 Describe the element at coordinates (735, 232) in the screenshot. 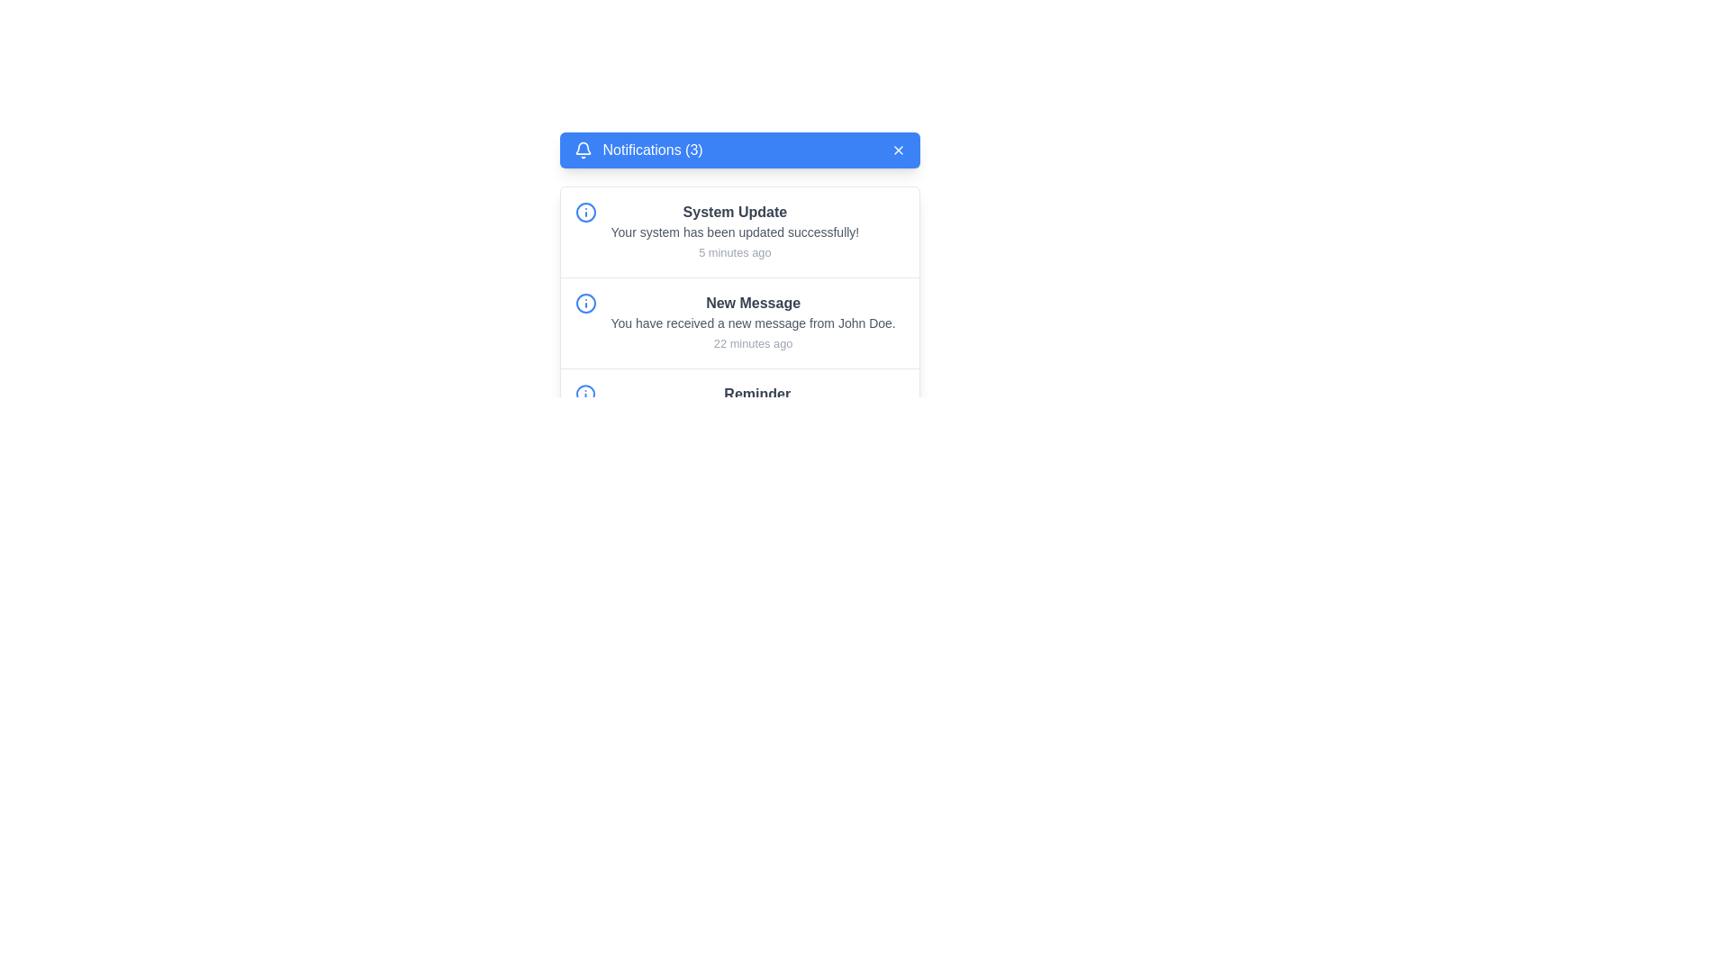

I see `the informational Text Label that indicates the success of a system update, located below the 'System Update' header and above the timestamp '5 minutes ago'` at that location.